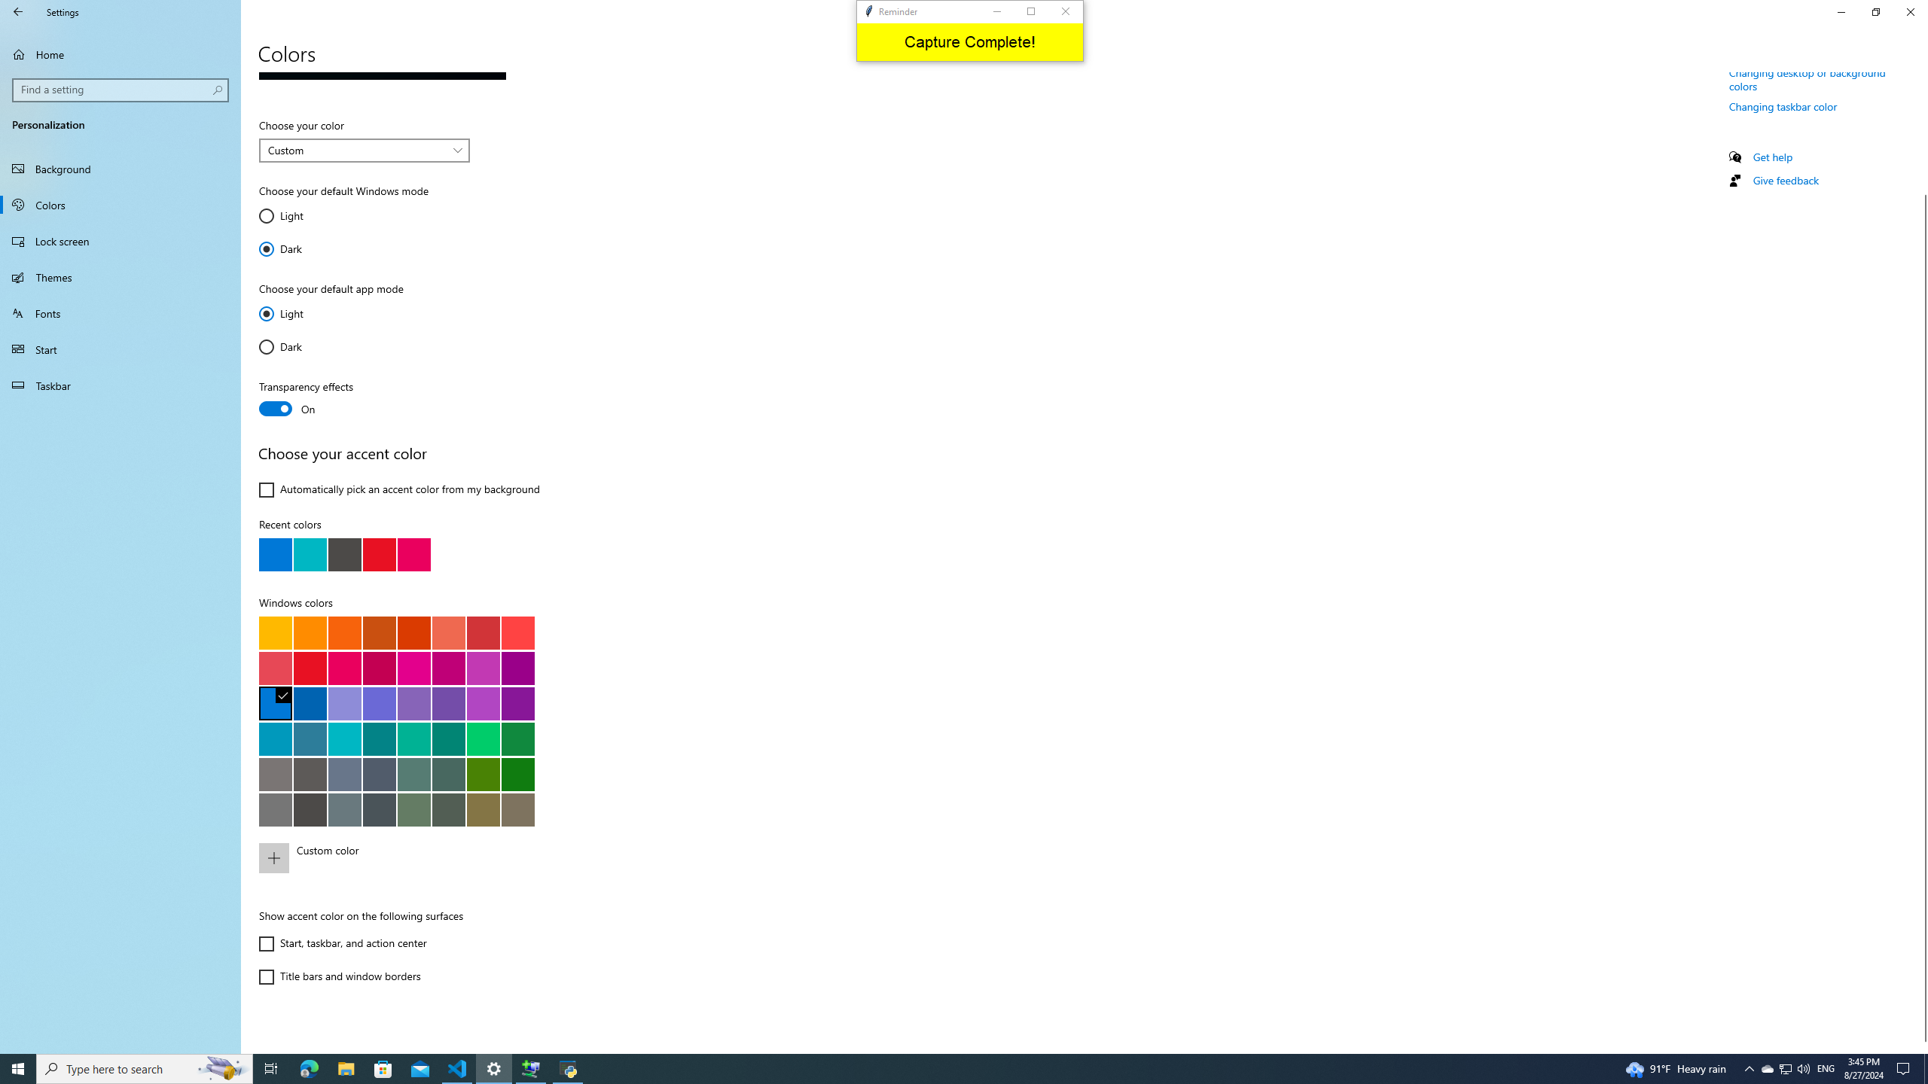  I want to click on 'Transparency effects', so click(313, 400).